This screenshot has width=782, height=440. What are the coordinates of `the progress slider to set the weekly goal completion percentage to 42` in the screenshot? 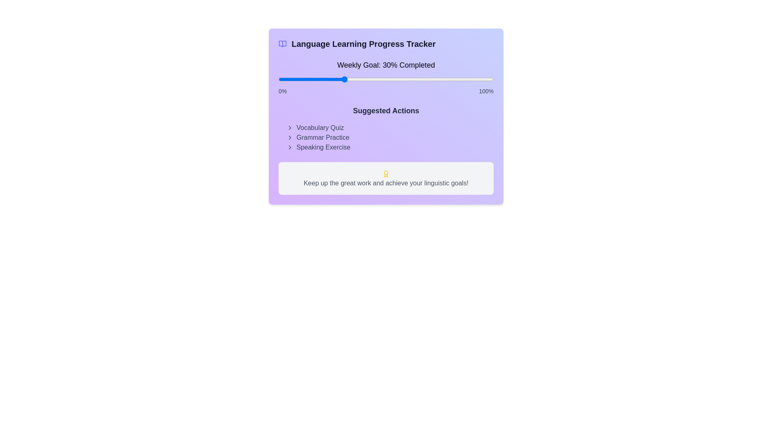 It's located at (368, 79).